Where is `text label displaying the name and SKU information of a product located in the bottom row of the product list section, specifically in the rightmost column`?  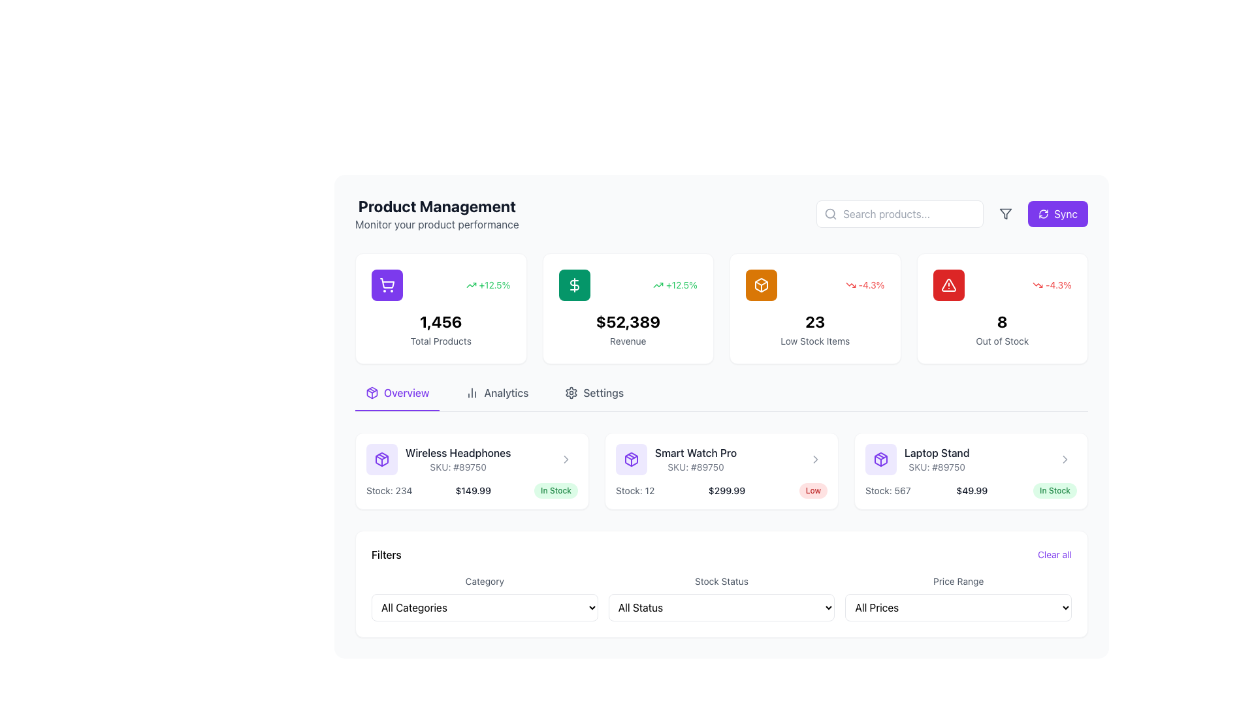
text label displaying the name and SKU information of a product located in the bottom row of the product list section, specifically in the rightmost column is located at coordinates (936, 459).